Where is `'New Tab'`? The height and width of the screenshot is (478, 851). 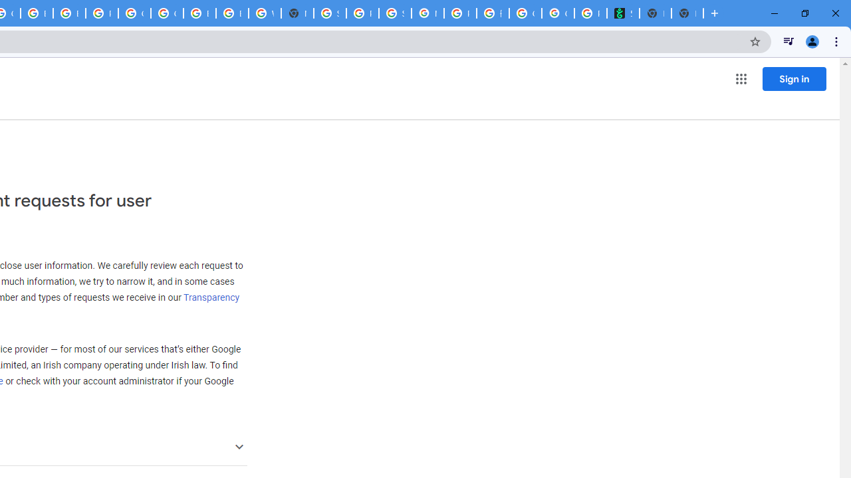 'New Tab' is located at coordinates (687, 13).